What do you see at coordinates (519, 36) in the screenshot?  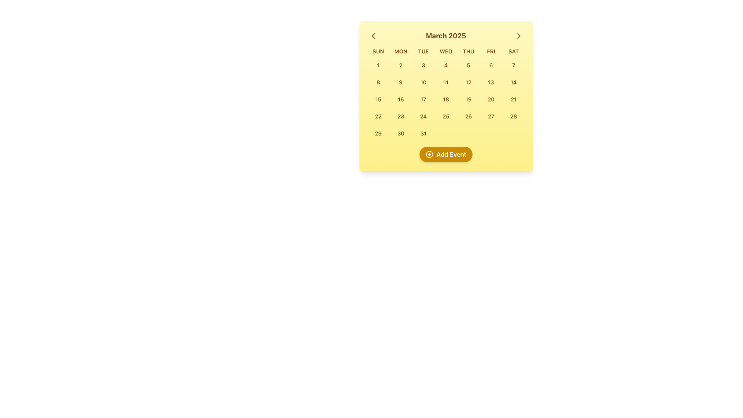 I see `the small yellow chevron arrow button located to the right of 'March 2025' in the calendar header` at bounding box center [519, 36].